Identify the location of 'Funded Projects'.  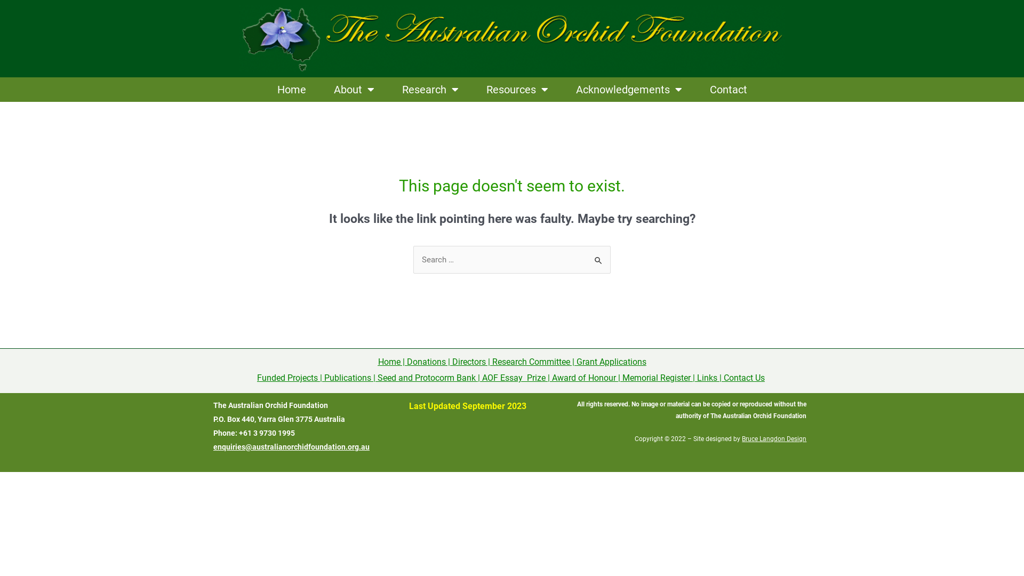
(287, 377).